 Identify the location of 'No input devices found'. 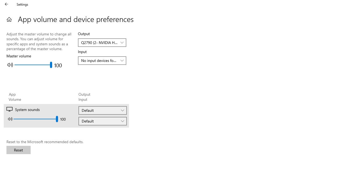
(99, 60).